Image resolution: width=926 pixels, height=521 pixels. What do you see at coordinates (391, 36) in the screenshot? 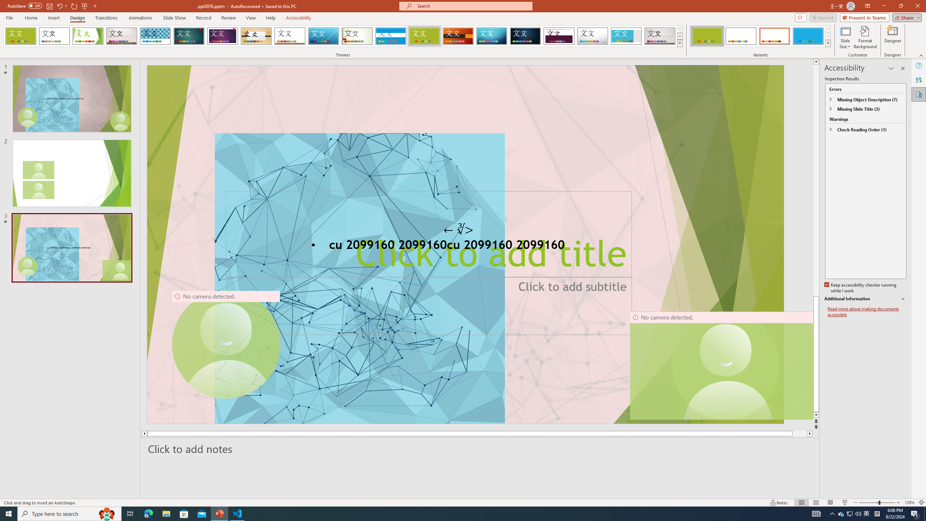
I see `'Banded'` at bounding box center [391, 36].